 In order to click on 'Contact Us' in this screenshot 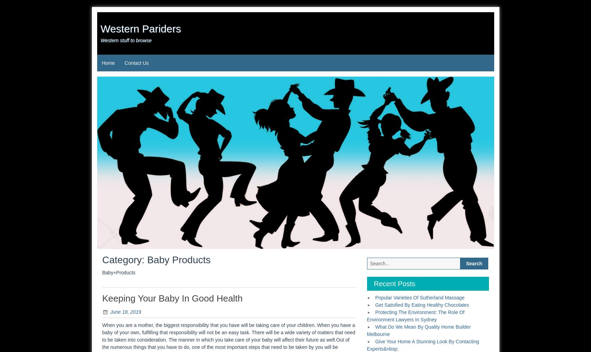, I will do `click(136, 63)`.